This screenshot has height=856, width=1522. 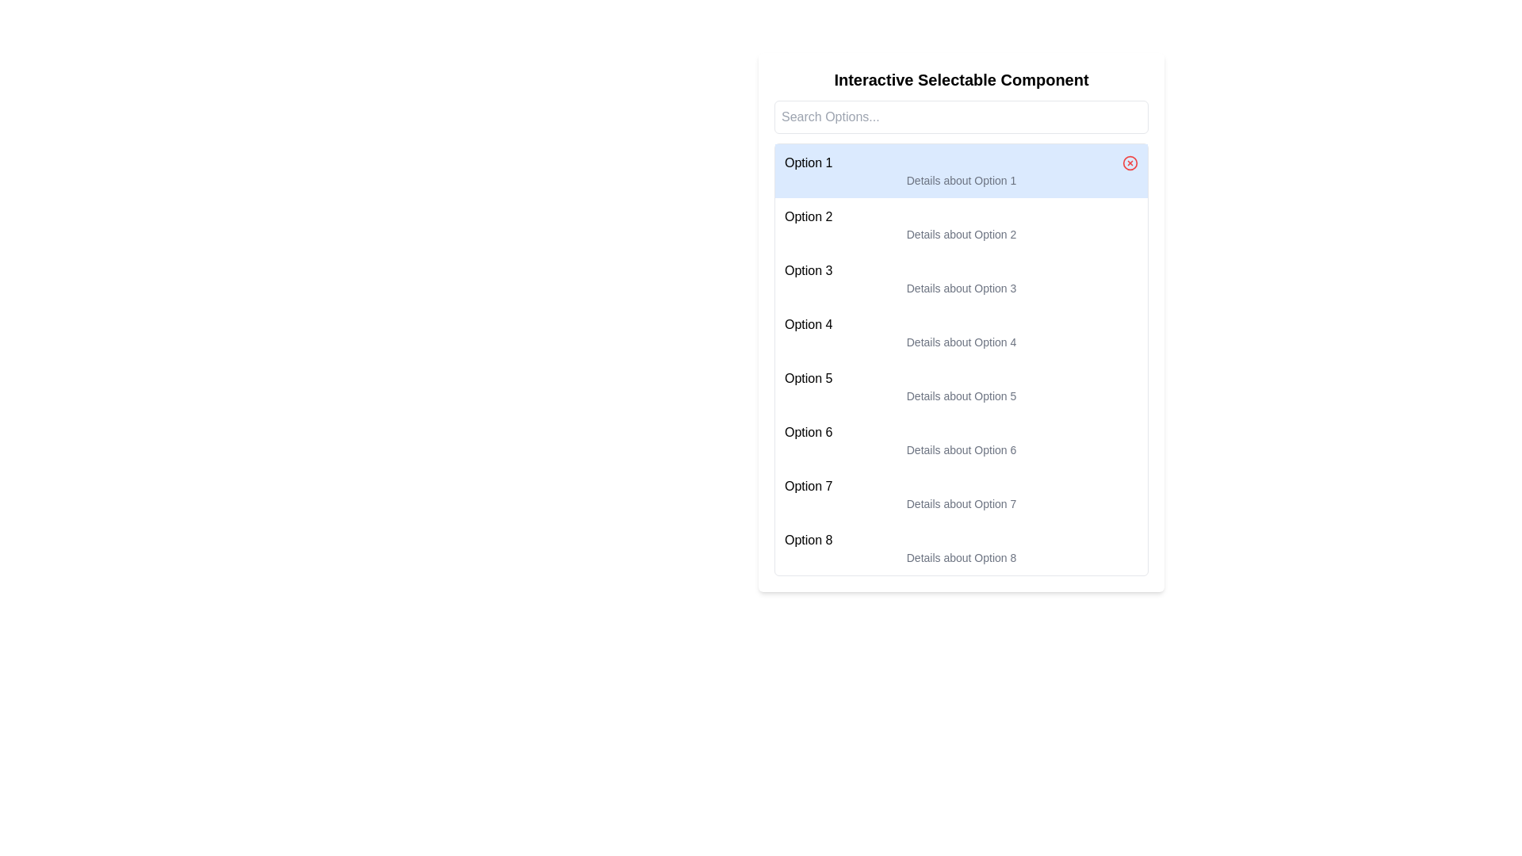 I want to click on the 'Option 5' text label, so click(x=809, y=379).